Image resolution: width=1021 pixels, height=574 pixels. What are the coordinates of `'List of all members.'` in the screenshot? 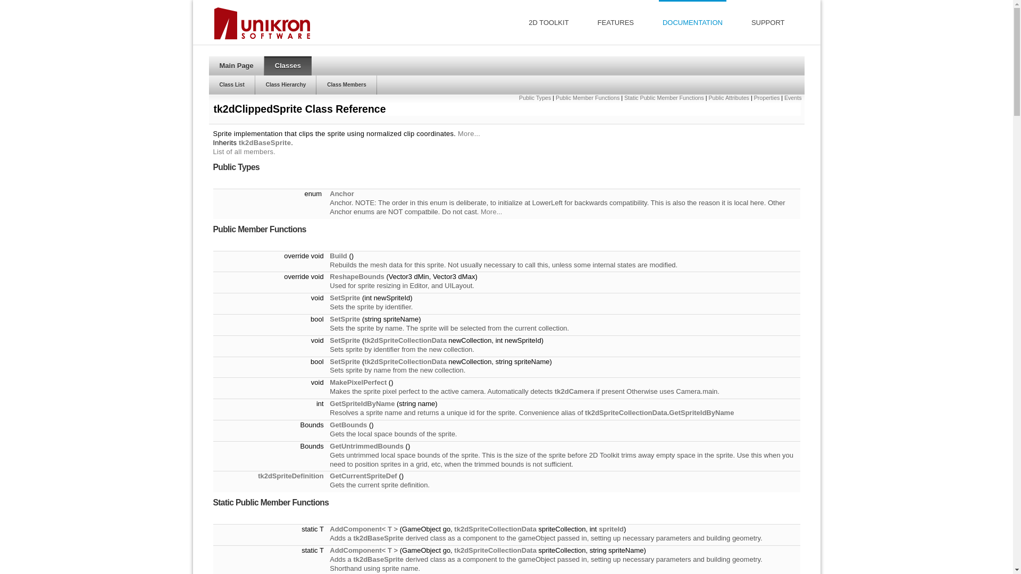 It's located at (244, 151).